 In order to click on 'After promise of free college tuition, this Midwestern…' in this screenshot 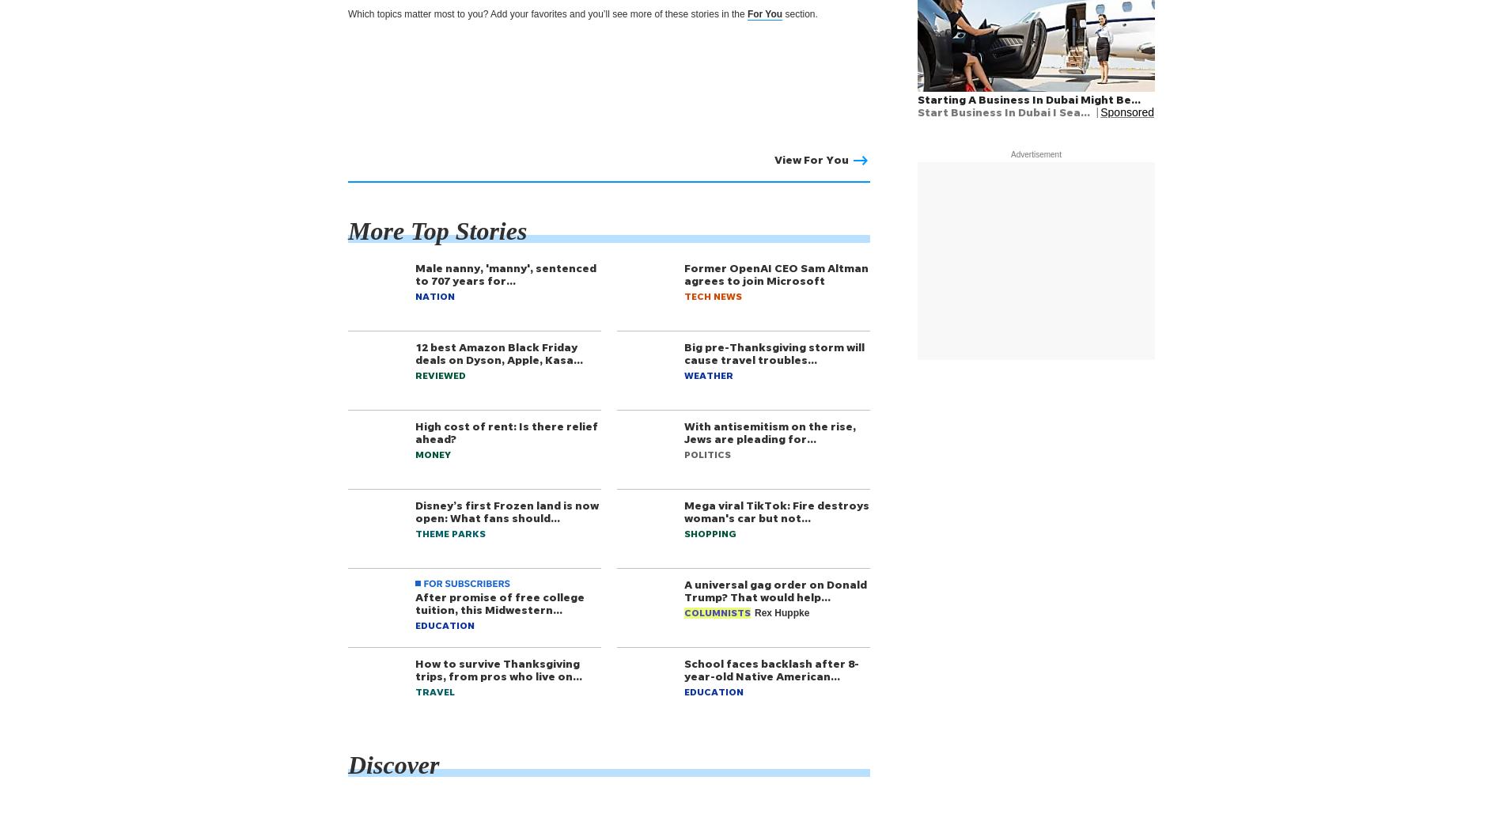, I will do `click(499, 603)`.